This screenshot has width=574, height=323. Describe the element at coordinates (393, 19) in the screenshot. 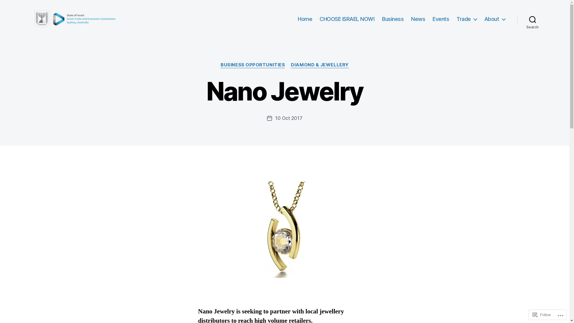

I see `'Business'` at that location.